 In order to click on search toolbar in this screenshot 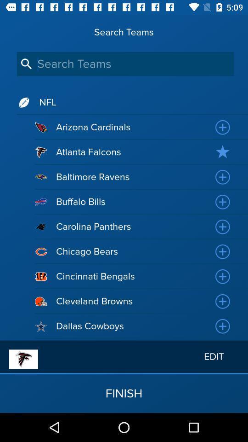, I will do `click(125, 64)`.